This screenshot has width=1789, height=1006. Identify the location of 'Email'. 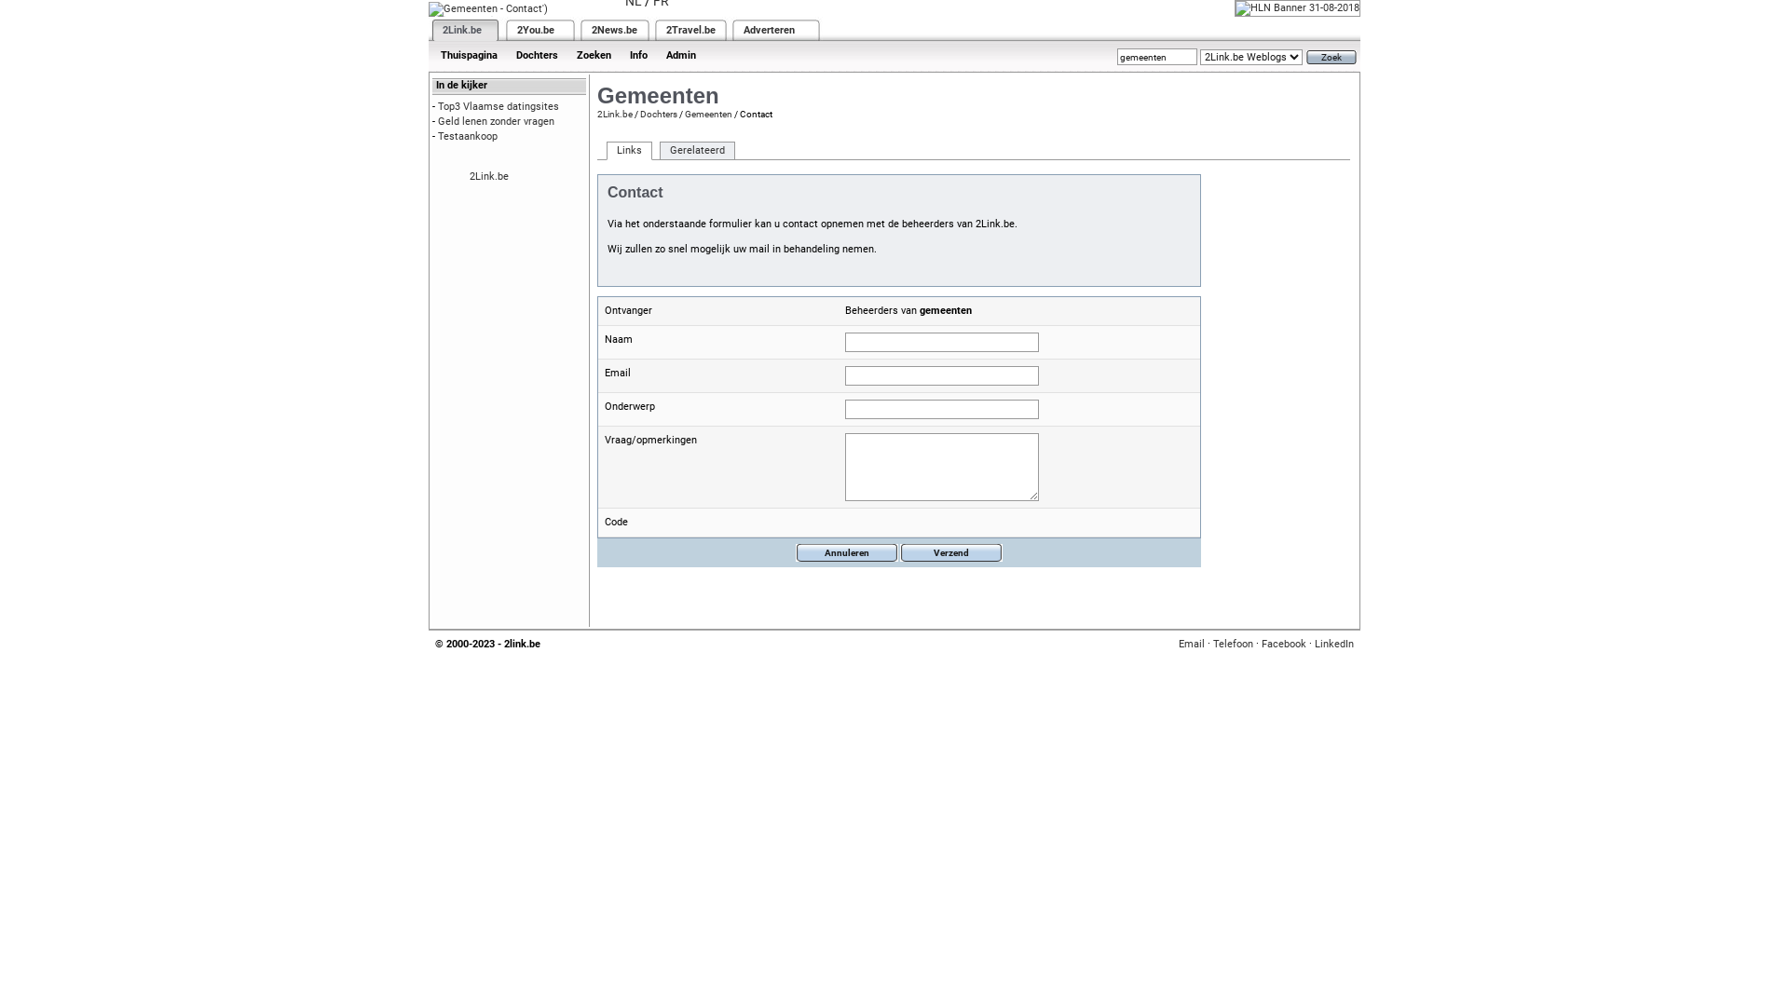
(1190, 643).